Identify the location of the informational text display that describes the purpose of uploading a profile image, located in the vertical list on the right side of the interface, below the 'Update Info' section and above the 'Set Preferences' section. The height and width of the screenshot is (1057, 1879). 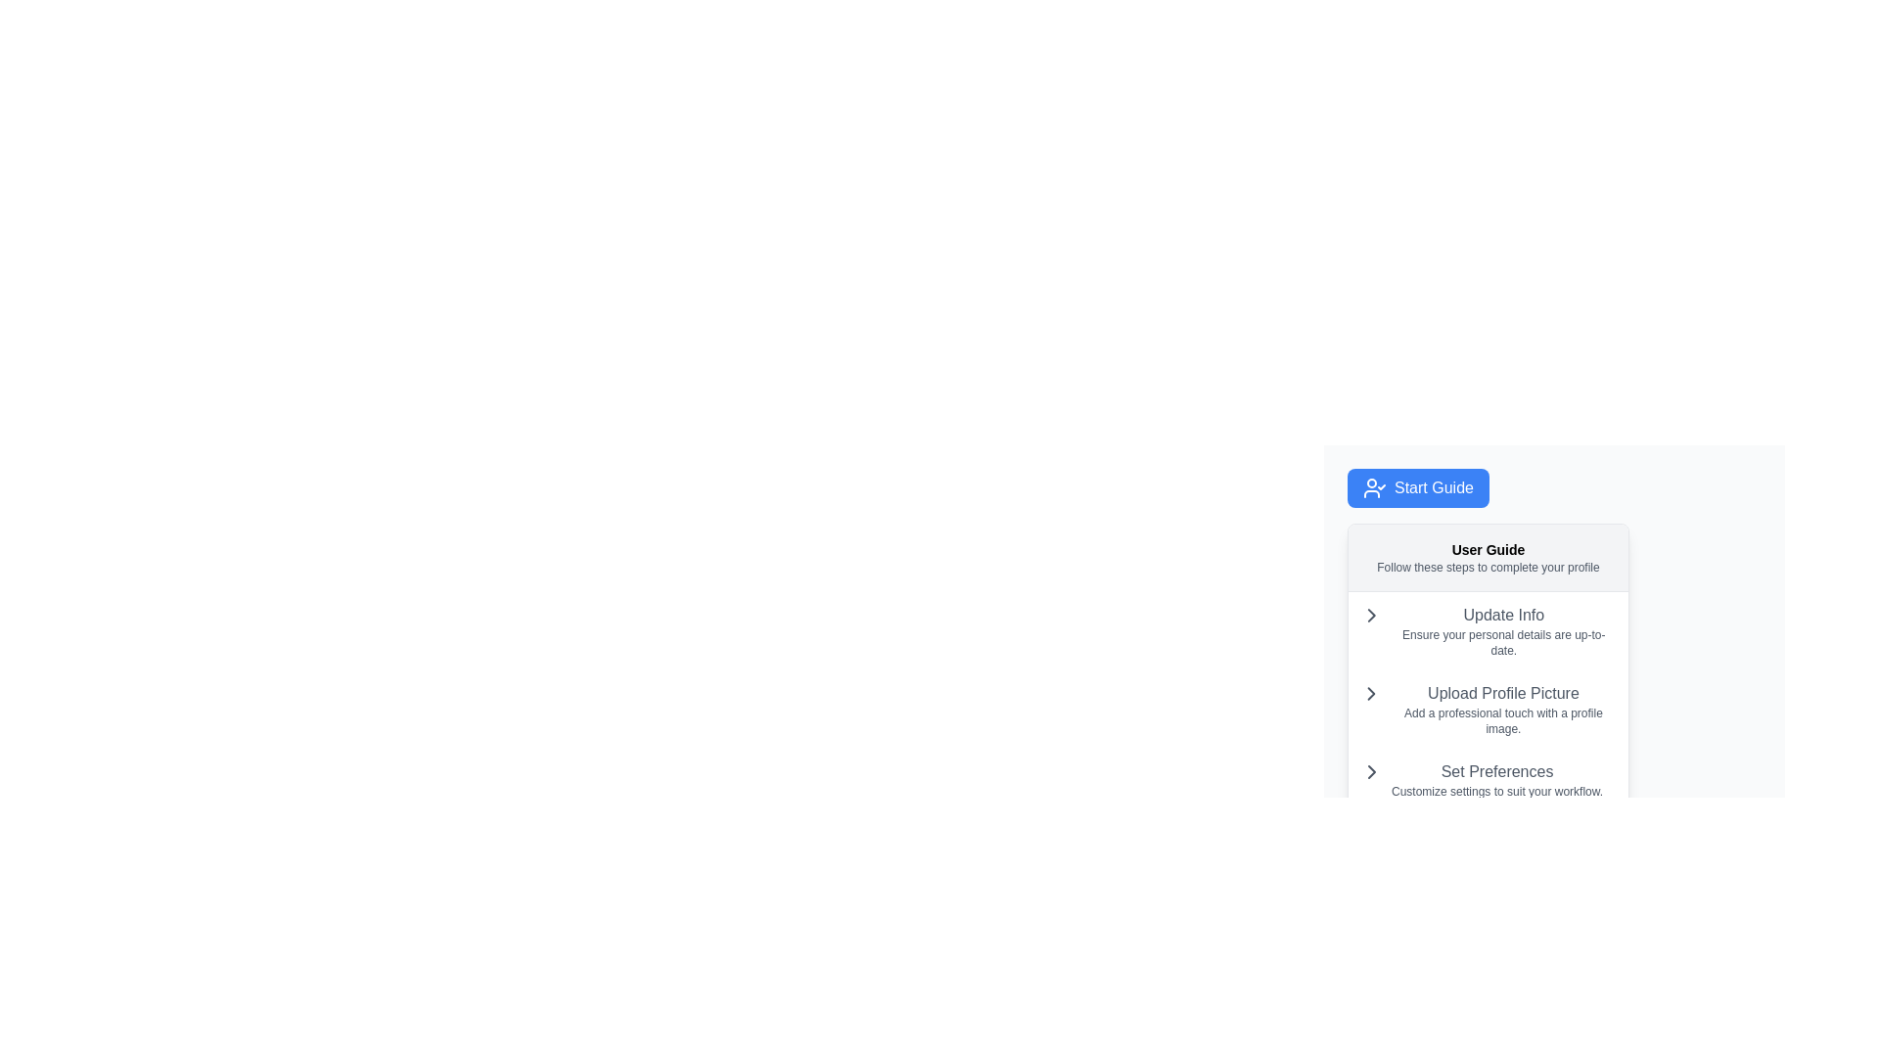
(1502, 710).